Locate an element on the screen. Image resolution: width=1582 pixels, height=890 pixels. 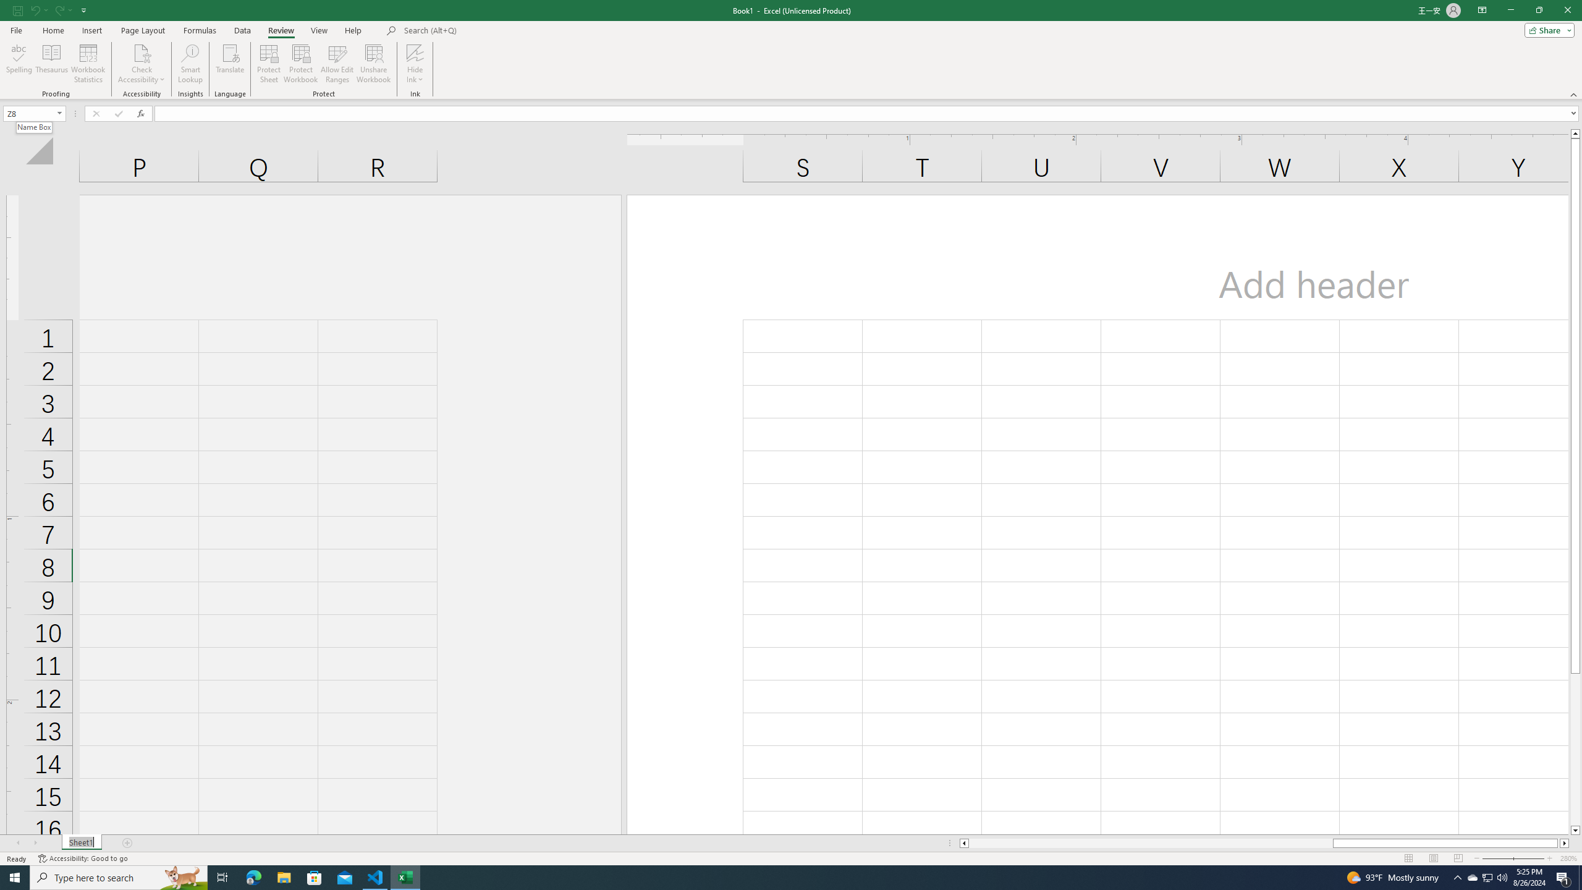
'Check Accessibility' is located at coordinates (141, 64).